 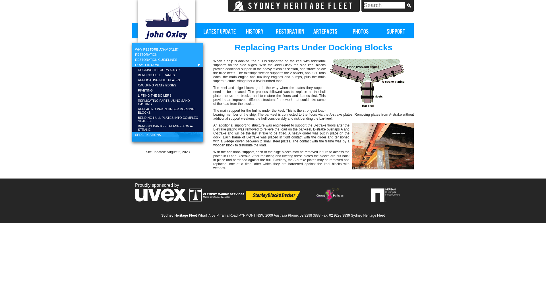 I want to click on 'RIVETING', so click(x=167, y=90).